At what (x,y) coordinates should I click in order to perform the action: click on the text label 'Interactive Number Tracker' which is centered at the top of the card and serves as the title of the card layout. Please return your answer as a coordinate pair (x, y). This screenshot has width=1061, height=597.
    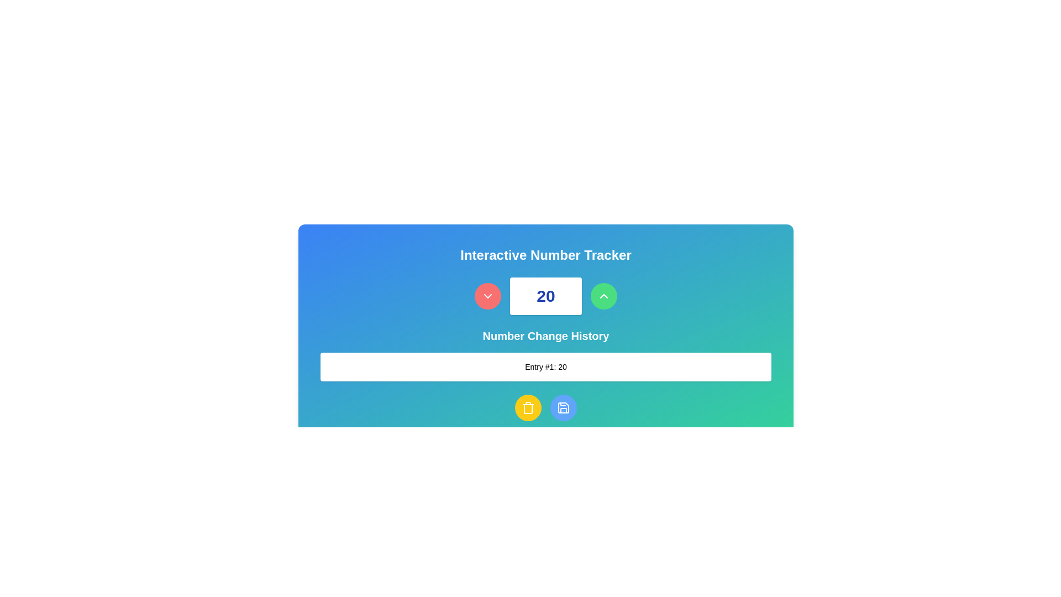
    Looking at the image, I should click on (546, 255).